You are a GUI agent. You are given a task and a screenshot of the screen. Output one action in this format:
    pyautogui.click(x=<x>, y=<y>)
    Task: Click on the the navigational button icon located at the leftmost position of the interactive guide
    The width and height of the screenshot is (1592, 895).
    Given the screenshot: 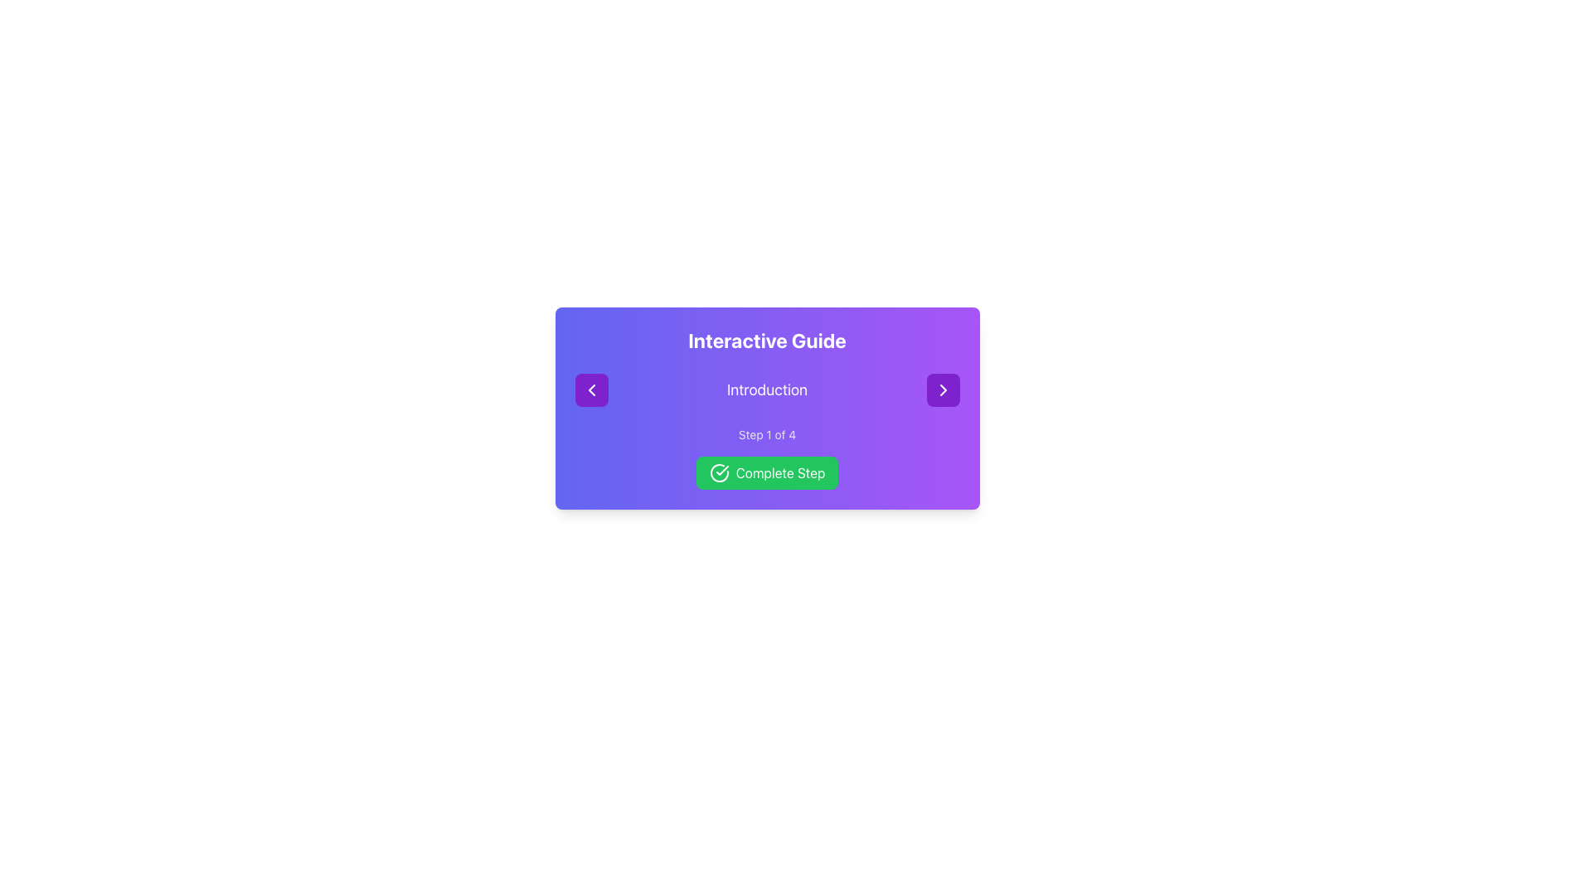 What is the action you would take?
    pyautogui.click(x=591, y=389)
    